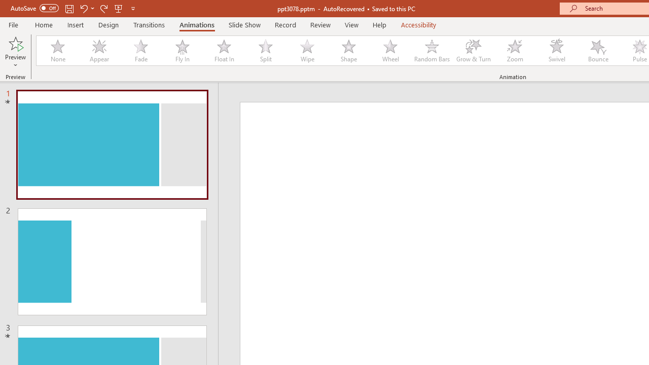  I want to click on 'Fly In', so click(182, 51).